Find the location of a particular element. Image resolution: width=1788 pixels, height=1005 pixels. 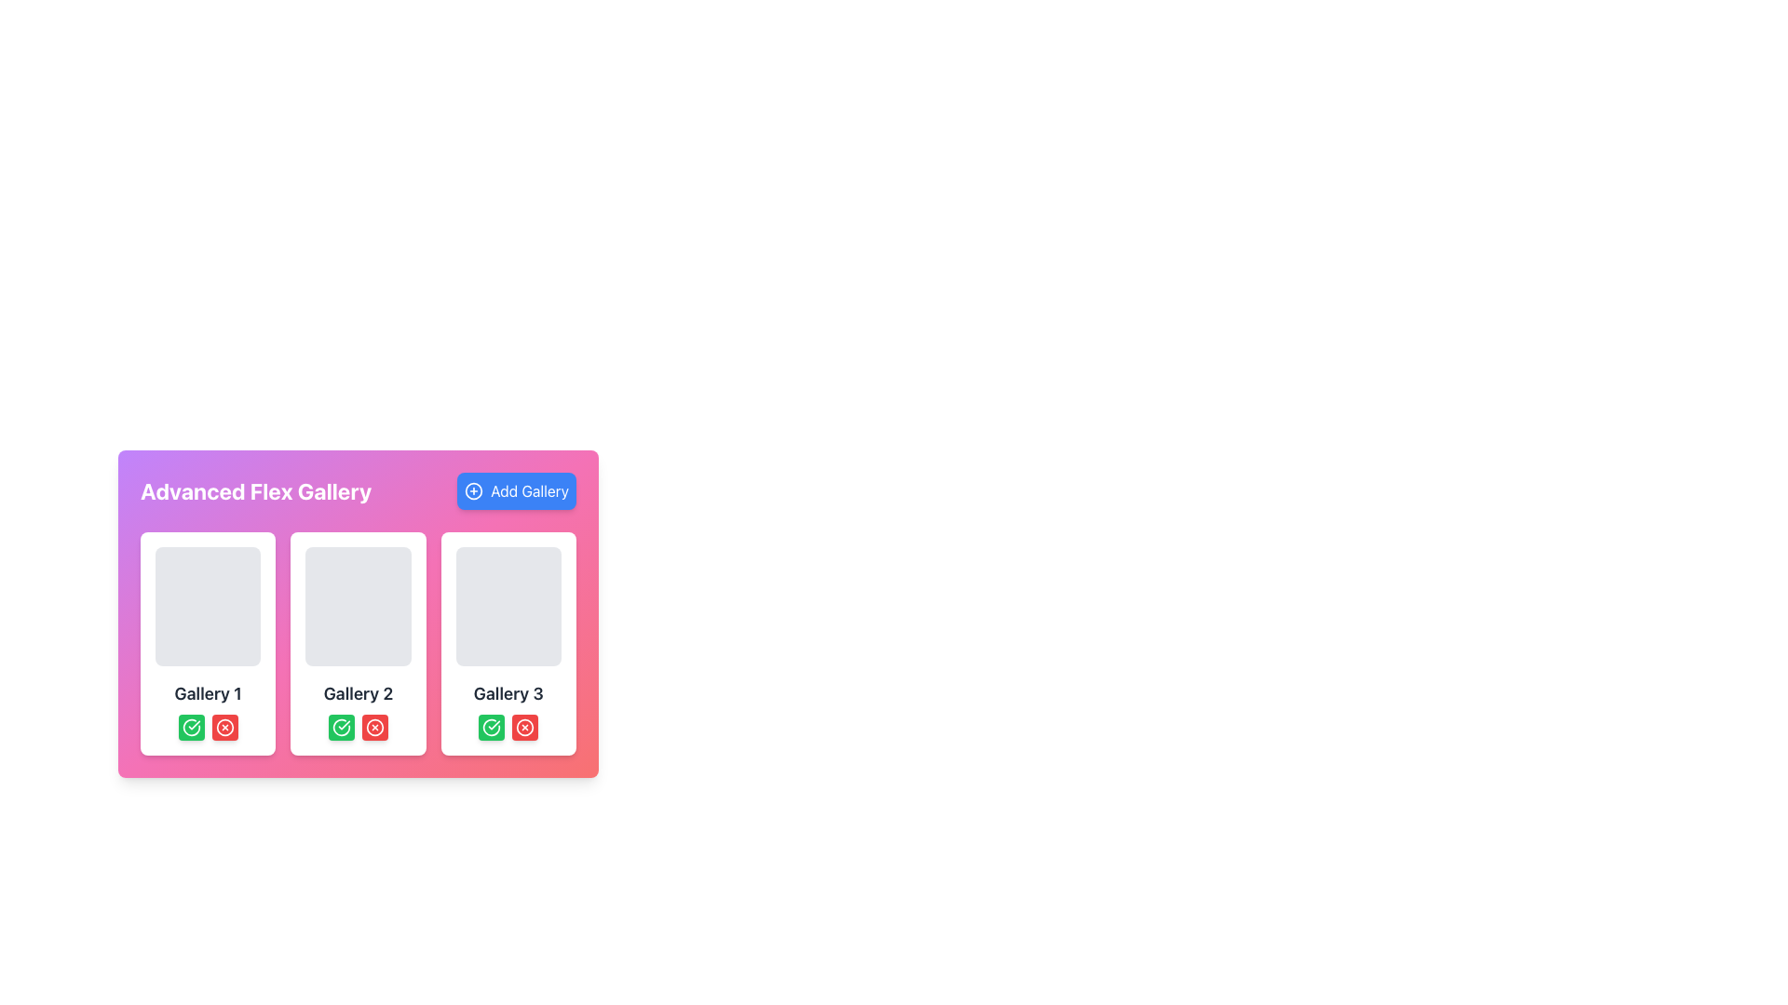

text label indicating the title of the second card in the gallery, which is located directly below the image placeholder section is located at coordinates (358, 693).